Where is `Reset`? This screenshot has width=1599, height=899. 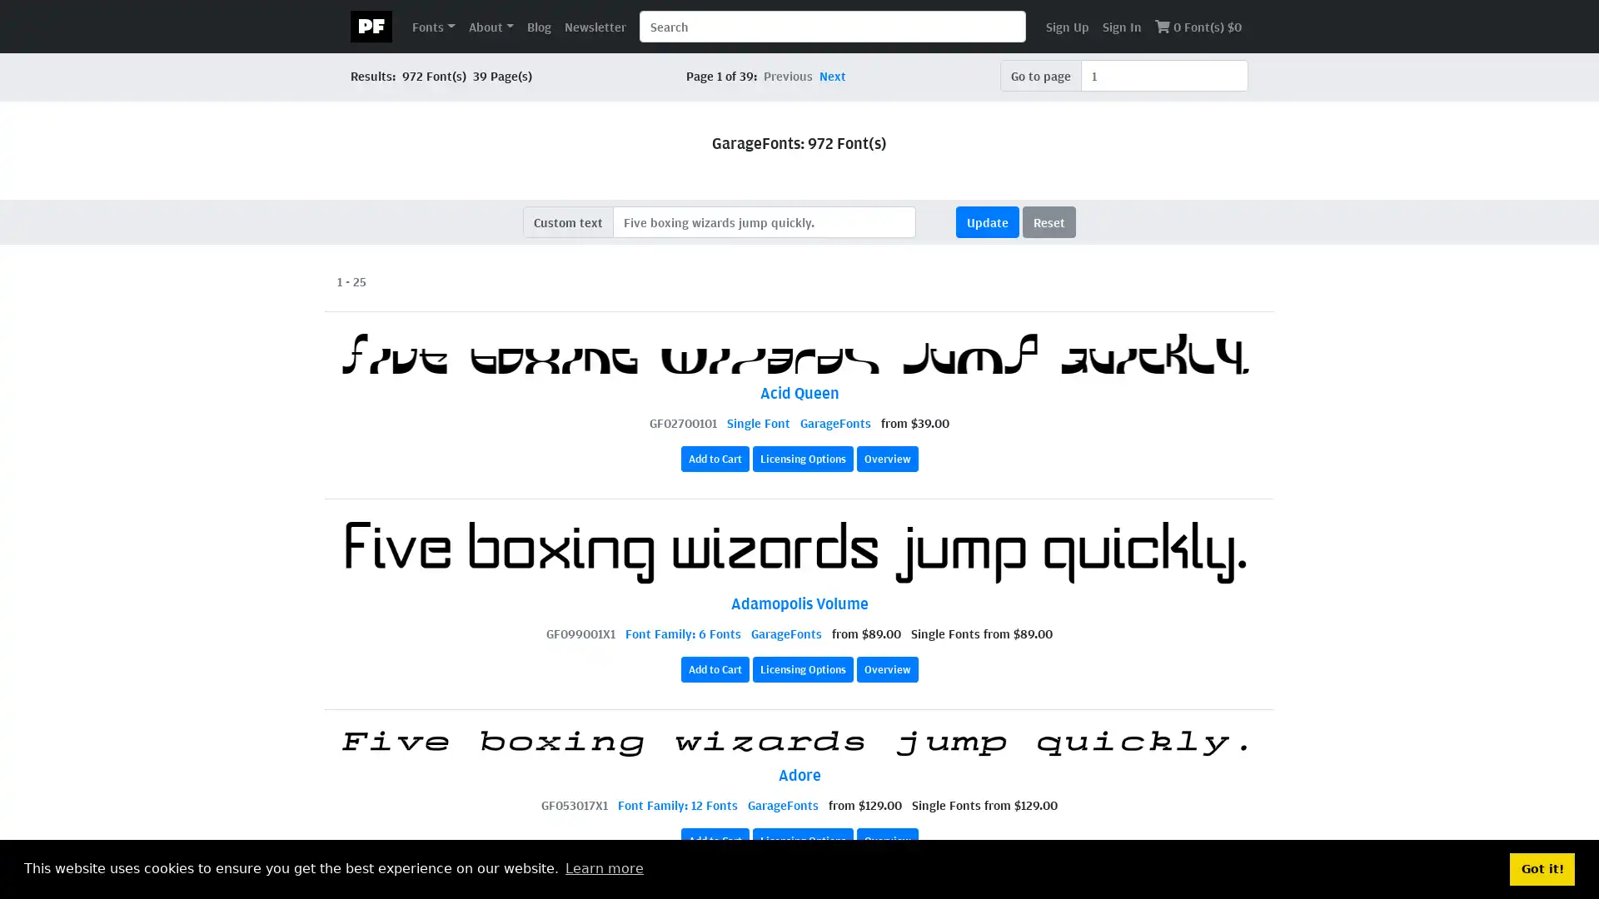 Reset is located at coordinates (1048, 221).